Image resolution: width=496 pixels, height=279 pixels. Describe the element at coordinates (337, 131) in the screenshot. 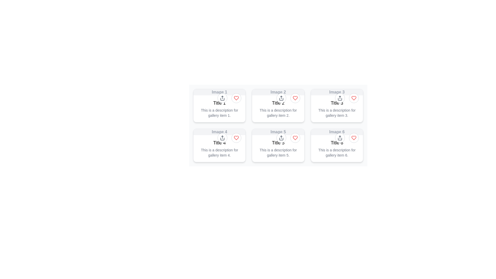

I see `the text label in the sixth gallery card located at the bottom-right corner` at that location.